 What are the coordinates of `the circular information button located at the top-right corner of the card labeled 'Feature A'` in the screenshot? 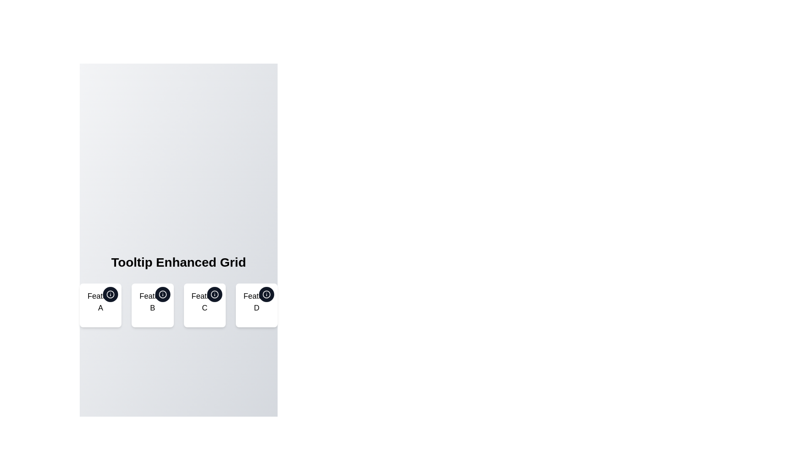 It's located at (110, 294).